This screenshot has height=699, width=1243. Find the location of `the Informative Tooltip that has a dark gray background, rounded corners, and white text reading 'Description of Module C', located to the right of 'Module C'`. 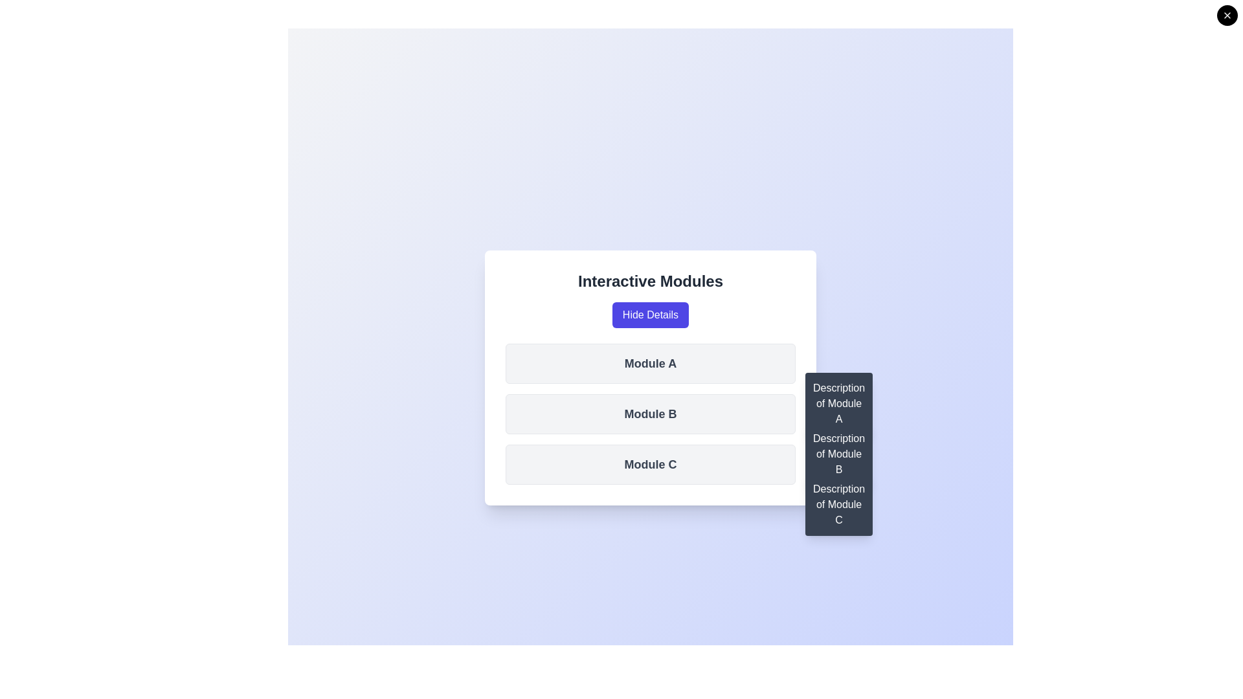

the Informative Tooltip that has a dark gray background, rounded corners, and white text reading 'Description of Module C', located to the right of 'Module C' is located at coordinates (839, 504).